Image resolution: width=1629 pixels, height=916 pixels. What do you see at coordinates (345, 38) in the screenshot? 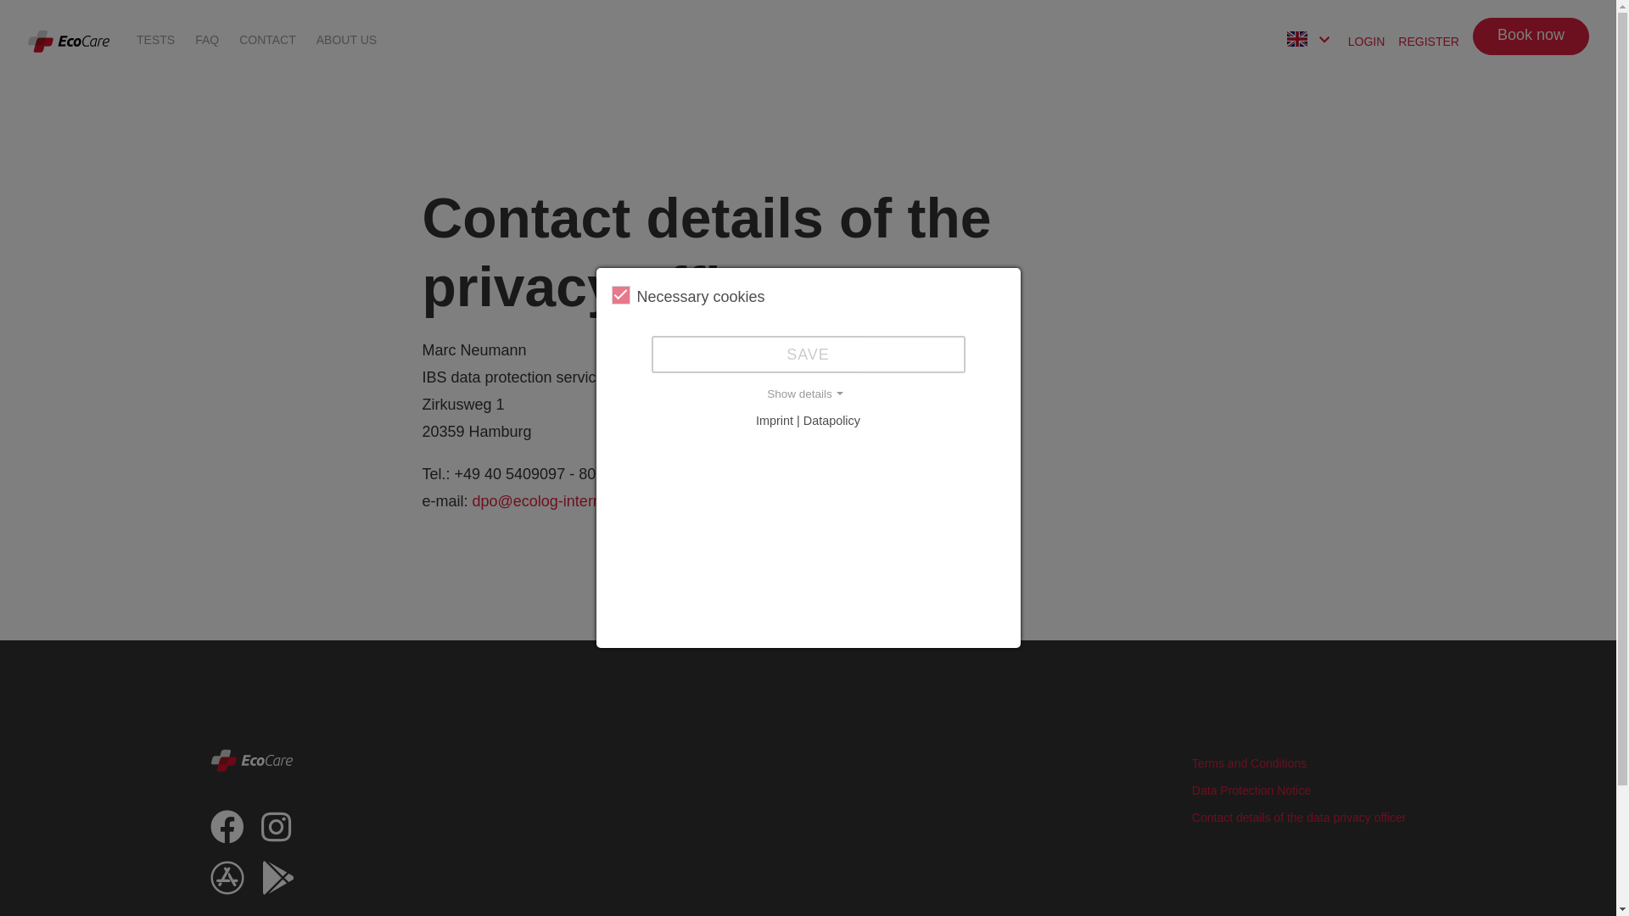
I see `'ABOUT US'` at bounding box center [345, 38].